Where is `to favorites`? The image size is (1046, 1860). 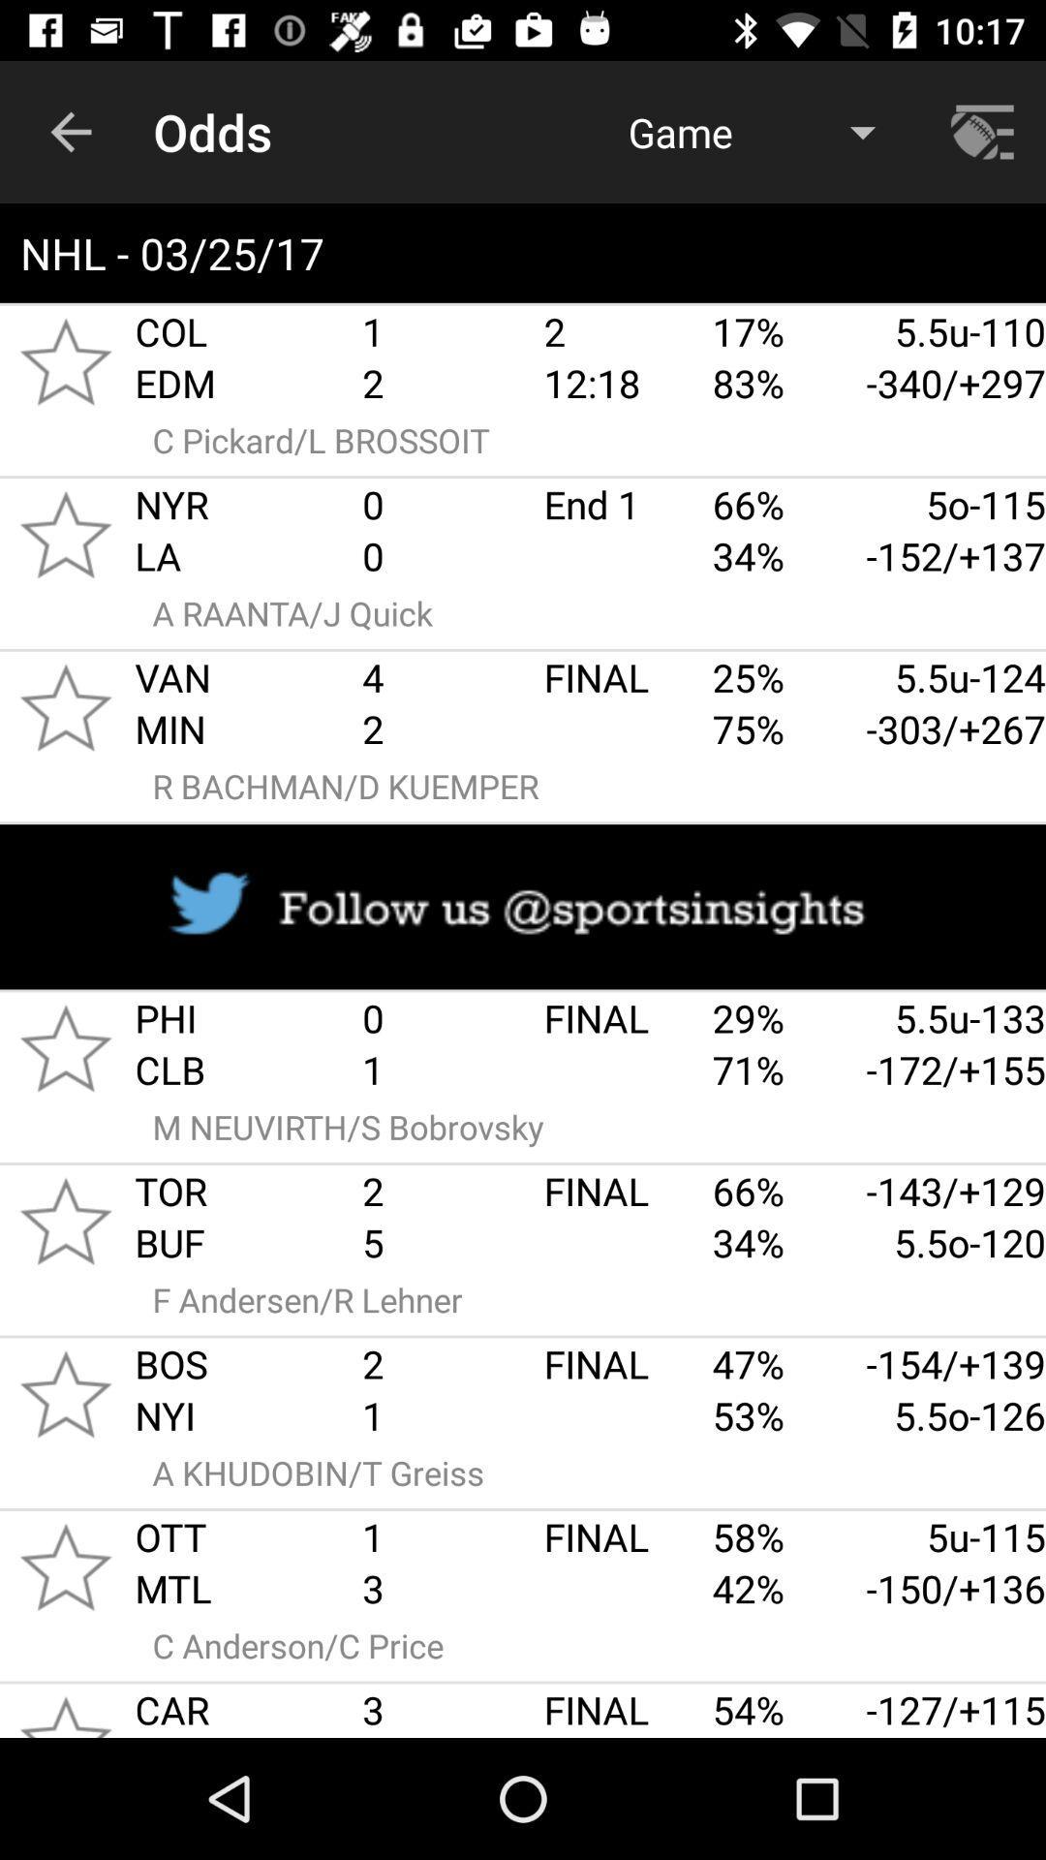 to favorites is located at coordinates (65, 1047).